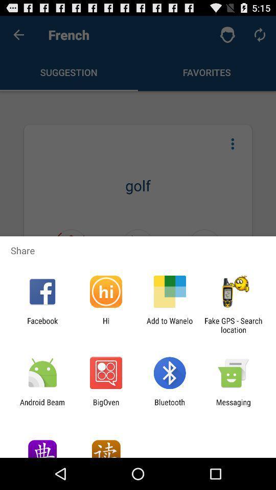 This screenshot has width=276, height=490. What do you see at coordinates (170, 325) in the screenshot?
I see `the app to the left of fake gps search icon` at bounding box center [170, 325].